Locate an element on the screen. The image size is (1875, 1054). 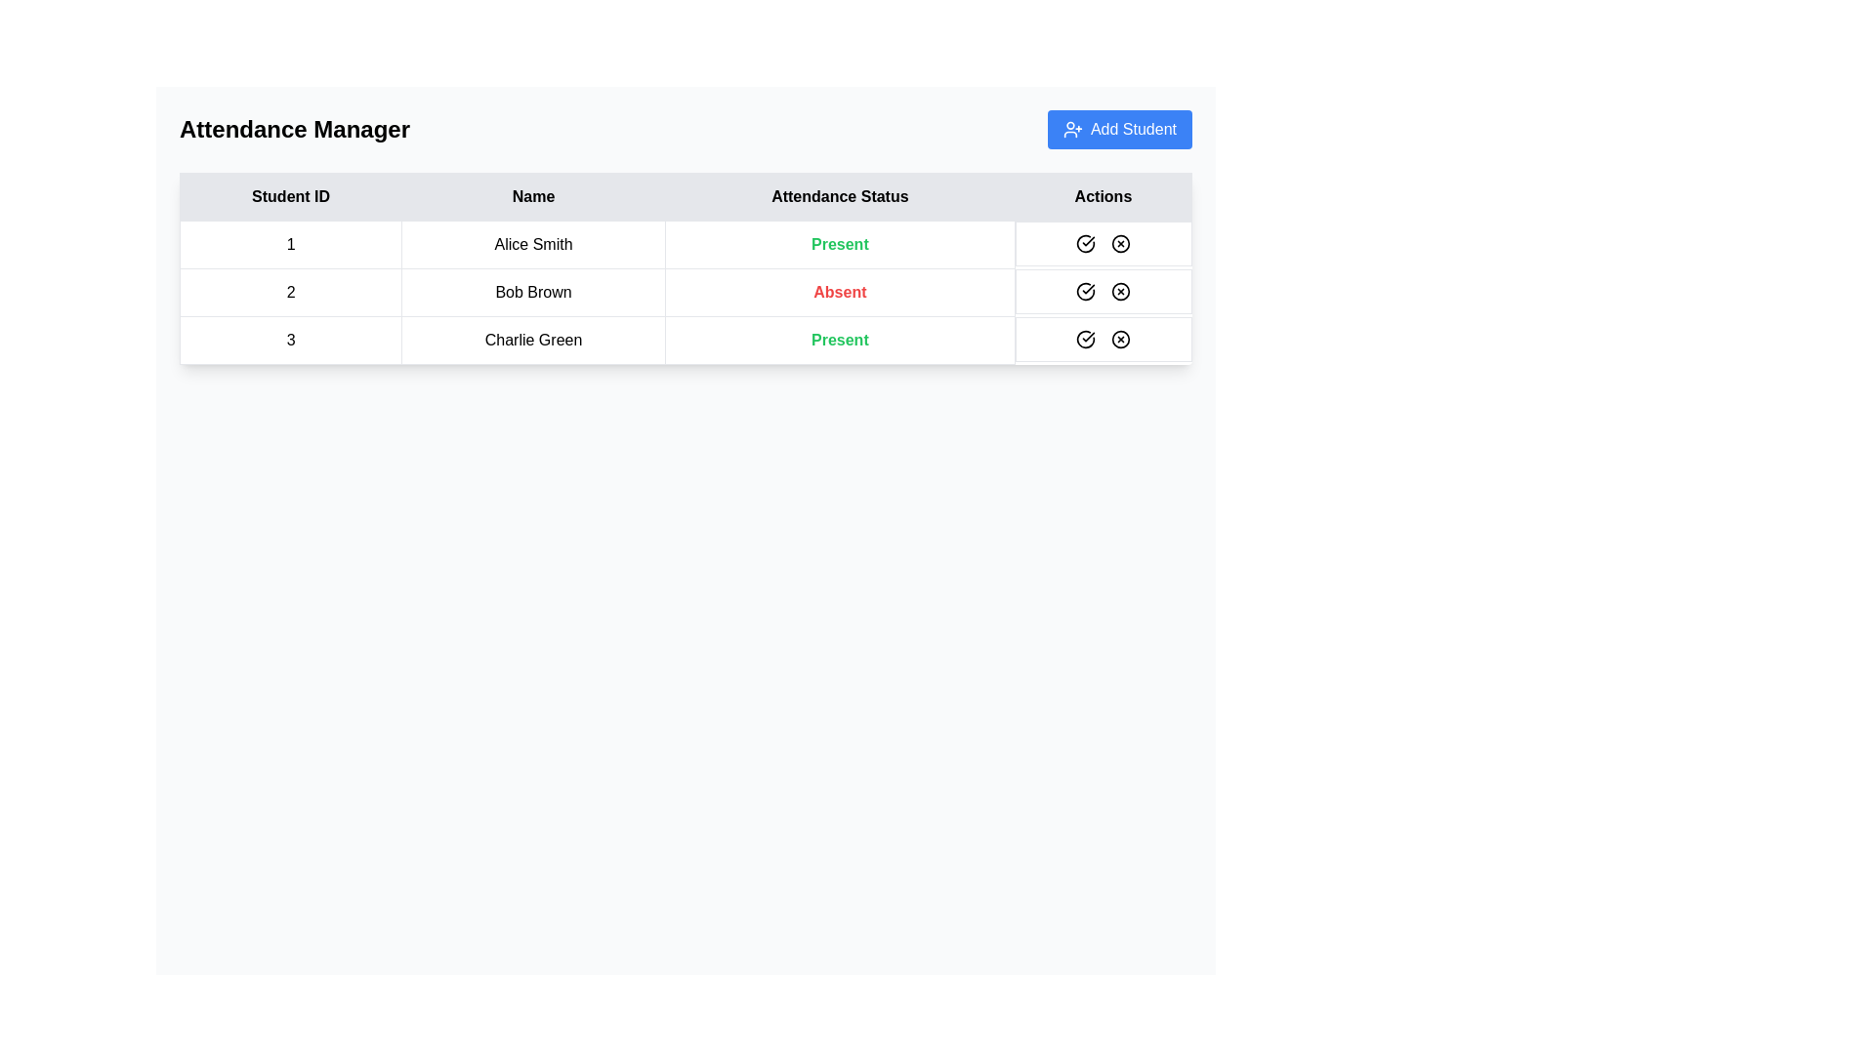
the button in the 'Actions' column of the second row to mark the attendance status for student 'Bob Brown' as present is located at coordinates (1085, 291).